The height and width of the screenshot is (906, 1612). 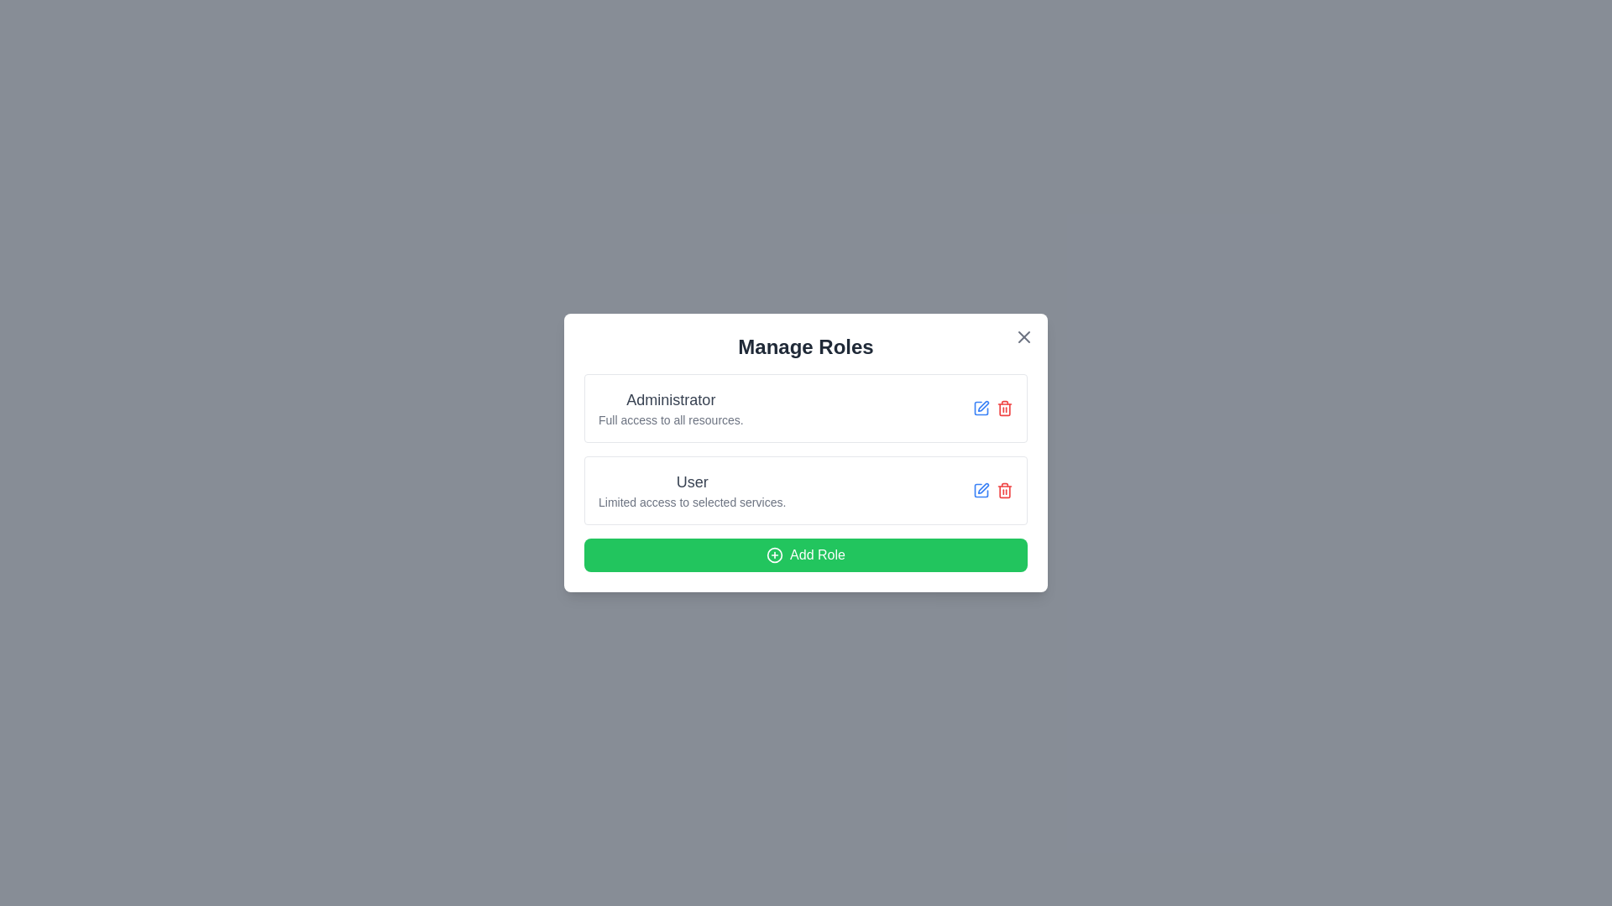 What do you see at coordinates (1023, 336) in the screenshot?
I see `the 'X' icon button in the top-right corner of the dialog box to change its color from gray to red` at bounding box center [1023, 336].